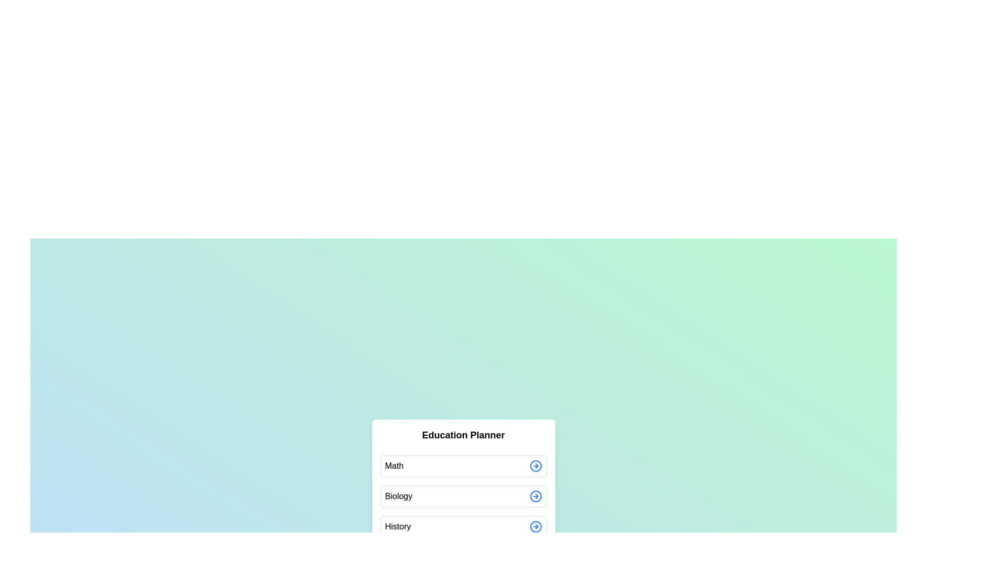 This screenshot has height=565, width=1005. Describe the element at coordinates (535, 495) in the screenshot. I see `the button next to the subject Biology to select it` at that location.